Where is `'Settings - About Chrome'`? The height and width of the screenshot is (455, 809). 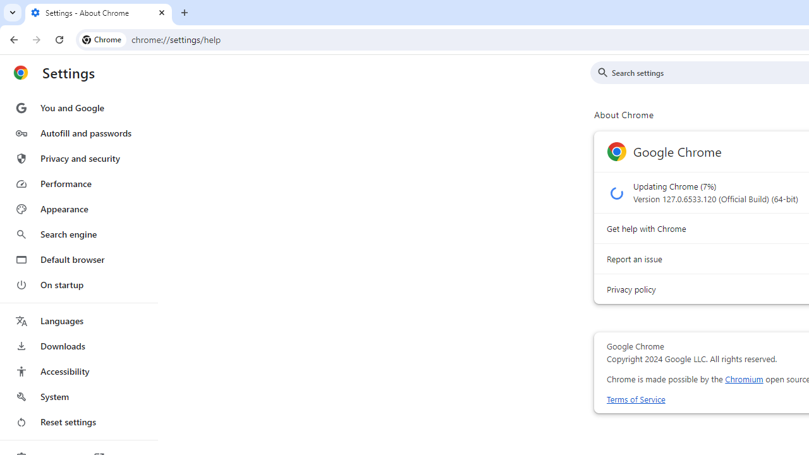 'Settings - About Chrome' is located at coordinates (98, 13).